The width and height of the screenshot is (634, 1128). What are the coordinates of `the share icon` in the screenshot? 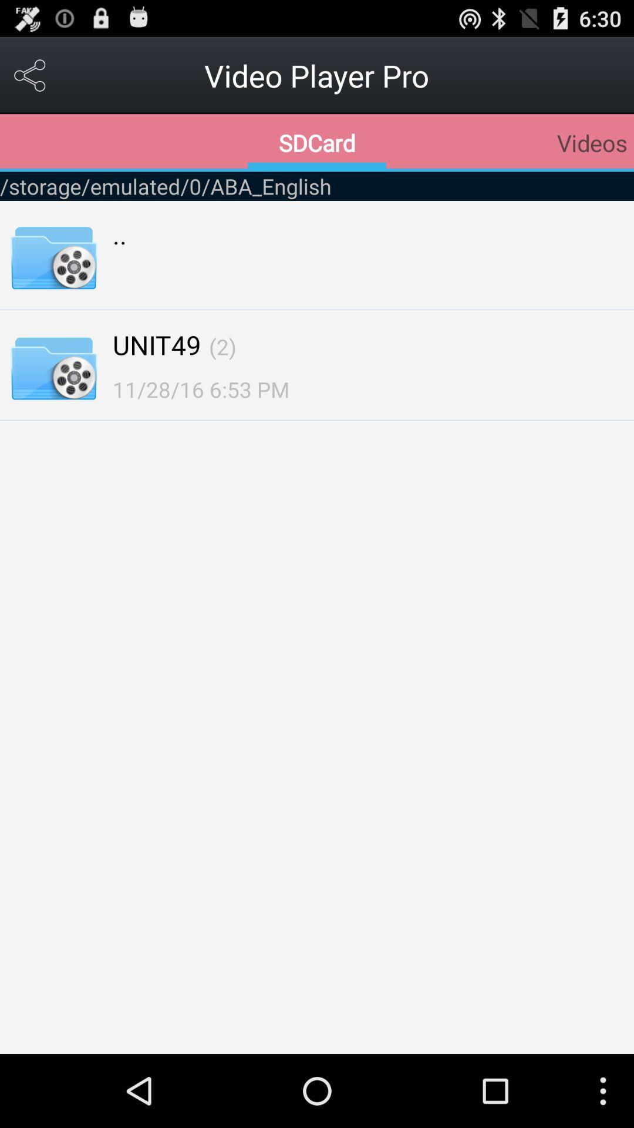 It's located at (30, 80).